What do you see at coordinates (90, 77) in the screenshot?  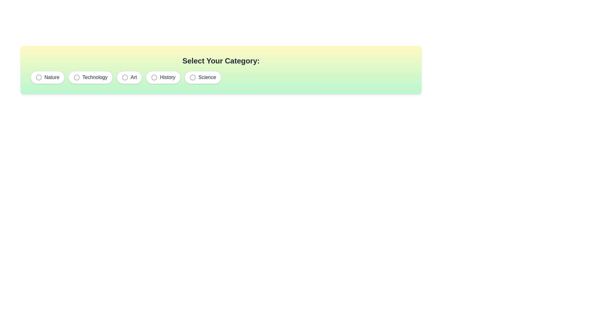 I see `the chip labeled Technology` at bounding box center [90, 77].